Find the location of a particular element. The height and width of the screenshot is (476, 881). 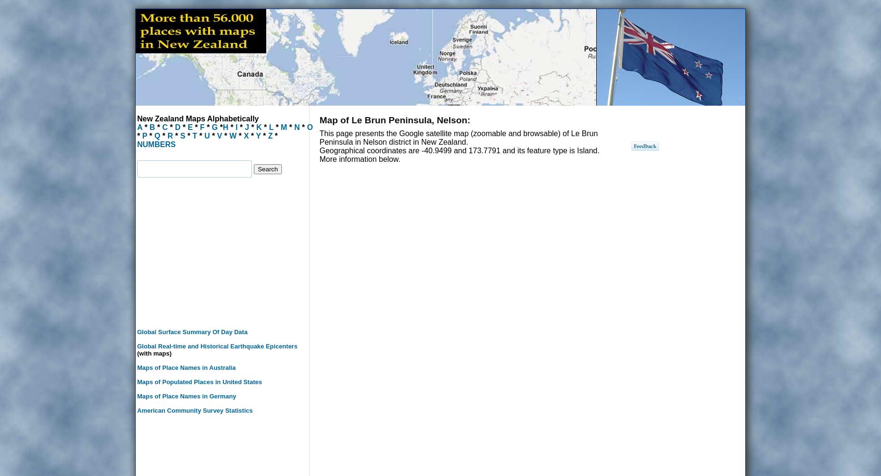

'N' is located at coordinates (297, 127).